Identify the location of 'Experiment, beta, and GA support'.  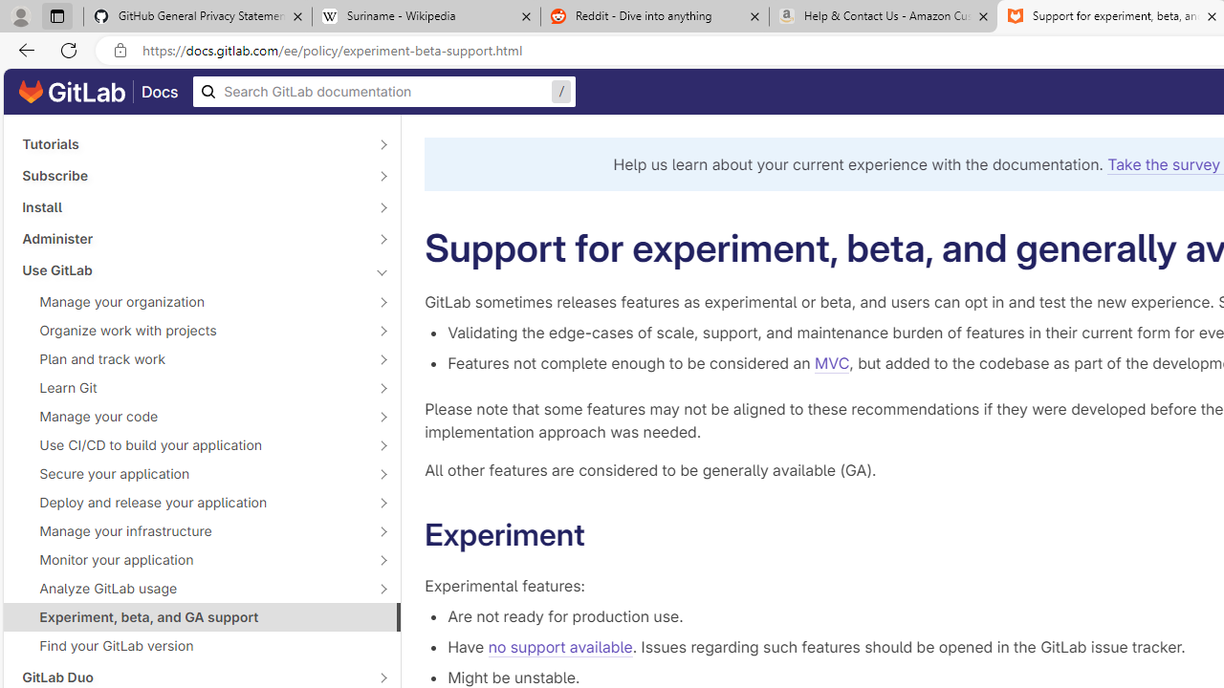
(202, 616).